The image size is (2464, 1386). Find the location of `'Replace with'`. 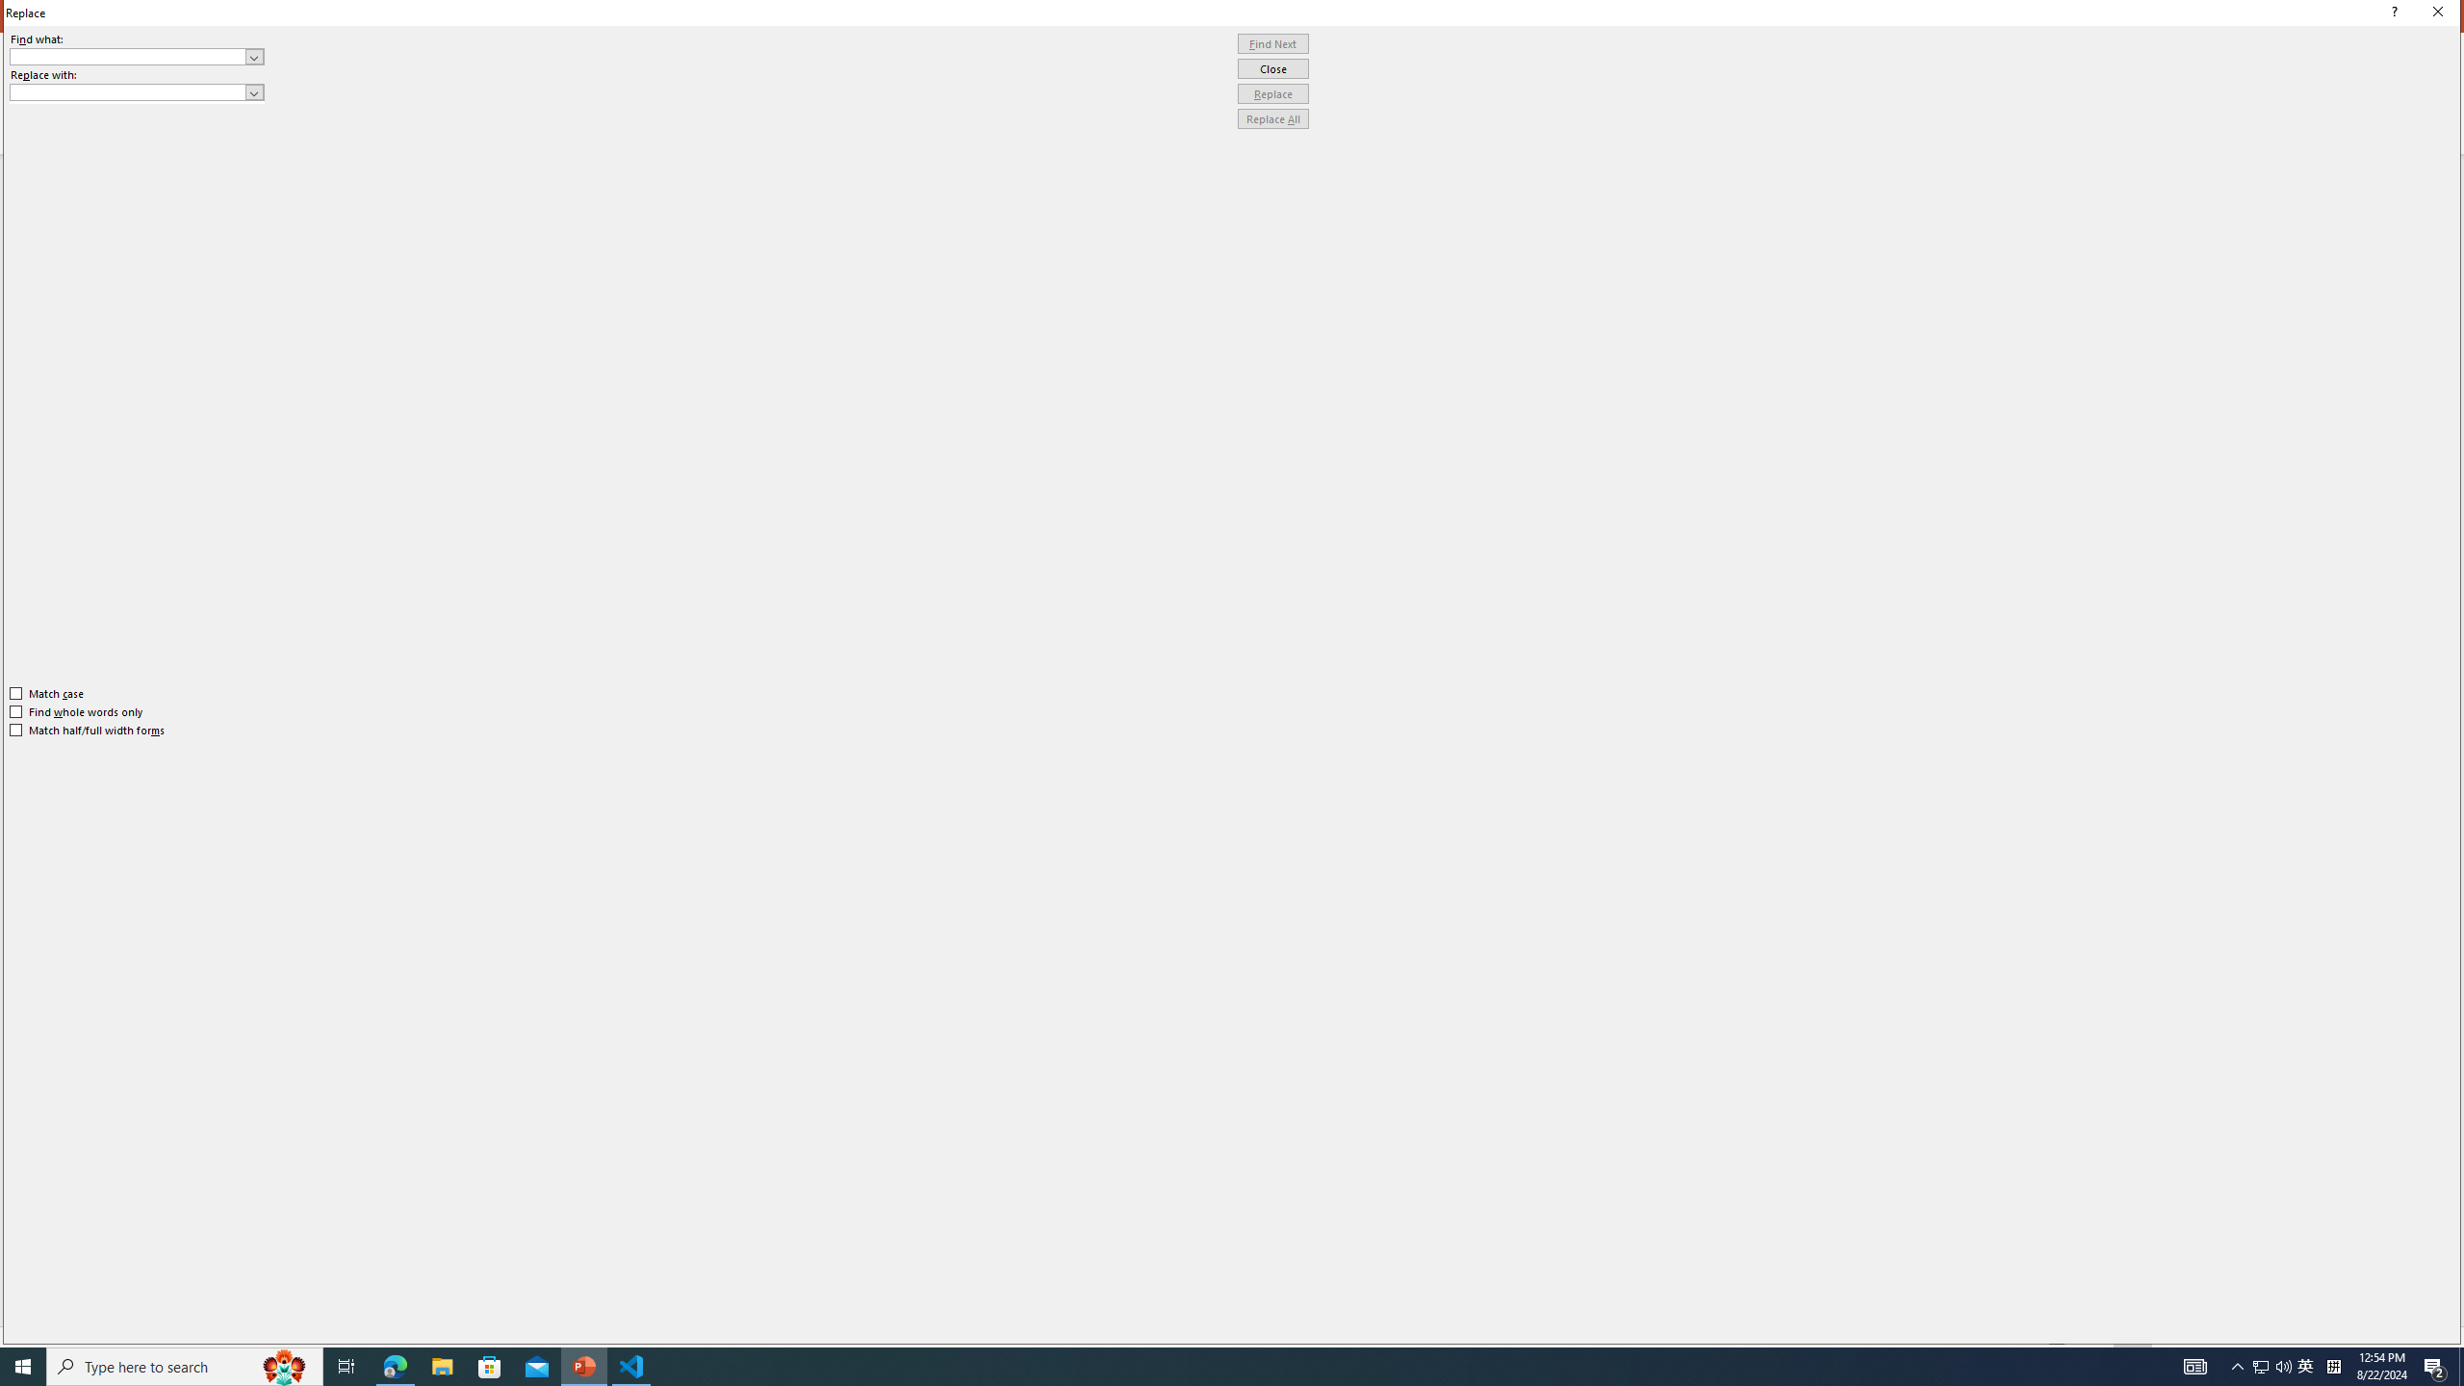

'Replace with' is located at coordinates (128, 91).